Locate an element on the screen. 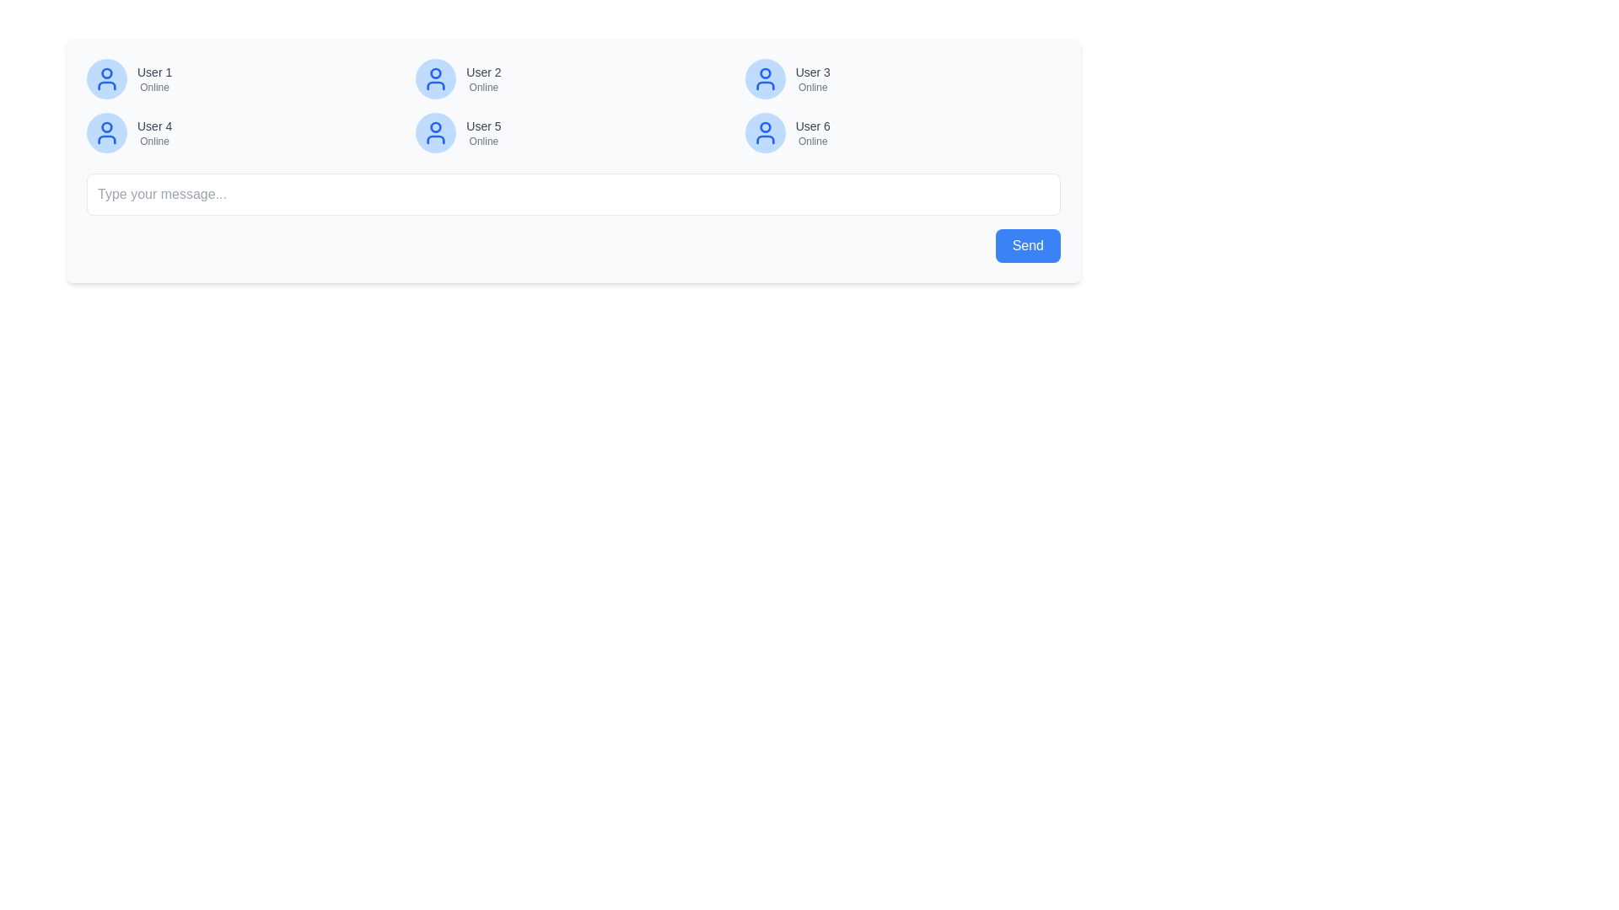  the user icon styled with a blue circular outline that represents 'User 4', located directly above the text indicating their online status is located at coordinates (105, 132).